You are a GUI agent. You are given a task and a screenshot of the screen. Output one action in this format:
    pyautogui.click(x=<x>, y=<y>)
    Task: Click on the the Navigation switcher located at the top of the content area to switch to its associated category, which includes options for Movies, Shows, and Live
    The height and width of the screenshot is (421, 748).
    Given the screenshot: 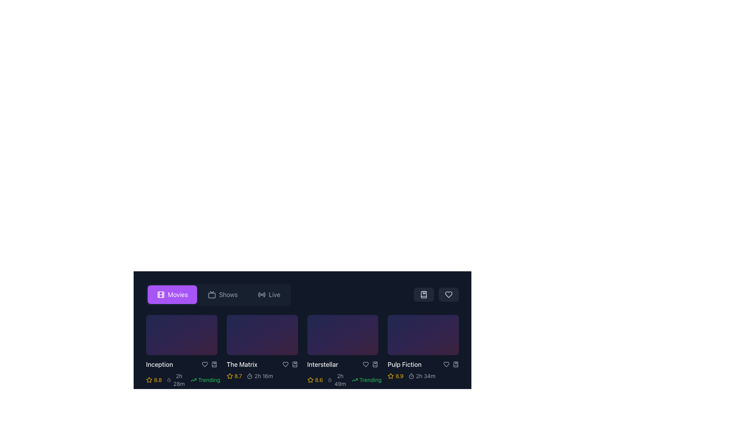 What is the action you would take?
    pyautogui.click(x=302, y=295)
    